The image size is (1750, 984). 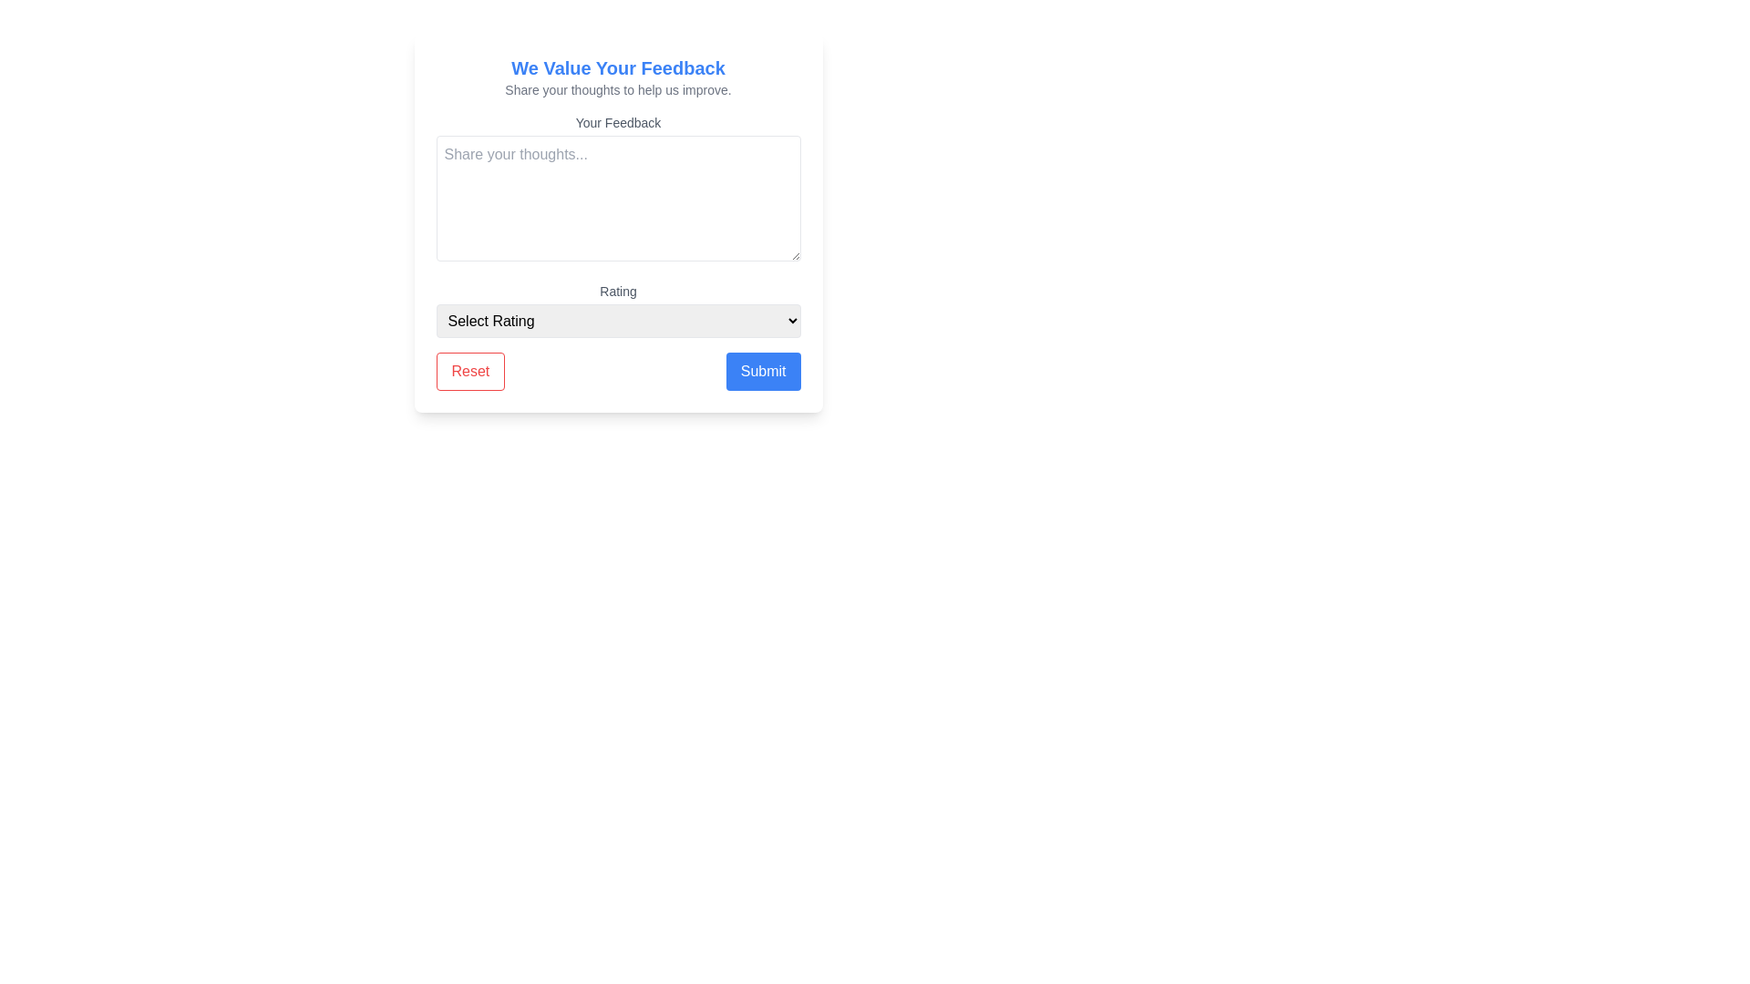 What do you see at coordinates (618, 309) in the screenshot?
I see `an option from the dropdown menu located below the 'Rating' label and above the 'Reset' and 'Submit' buttons` at bounding box center [618, 309].